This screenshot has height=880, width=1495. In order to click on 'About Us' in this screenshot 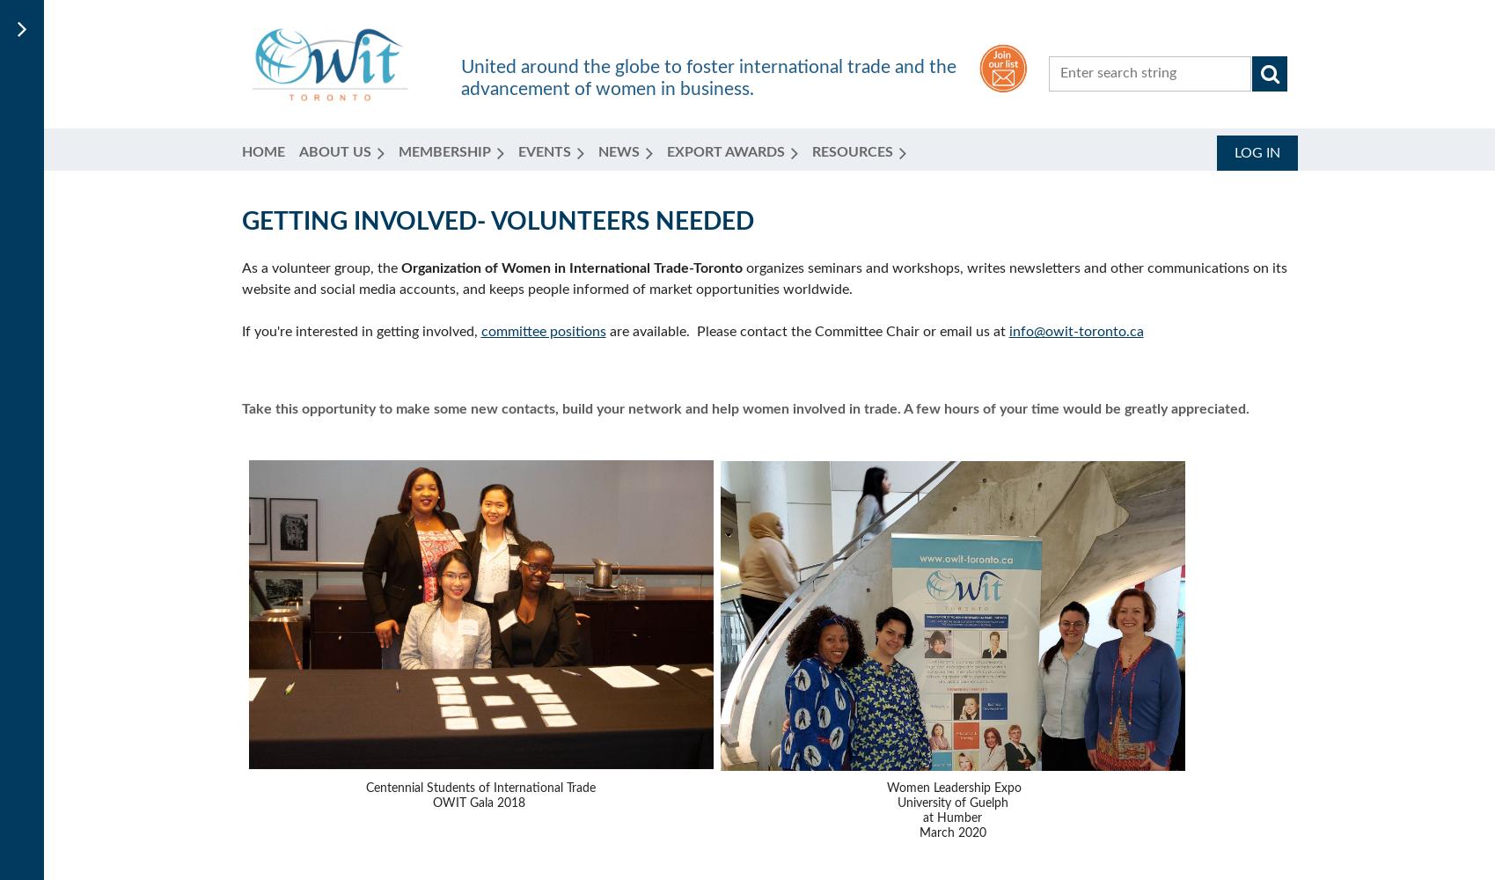, I will do `click(334, 151)`.